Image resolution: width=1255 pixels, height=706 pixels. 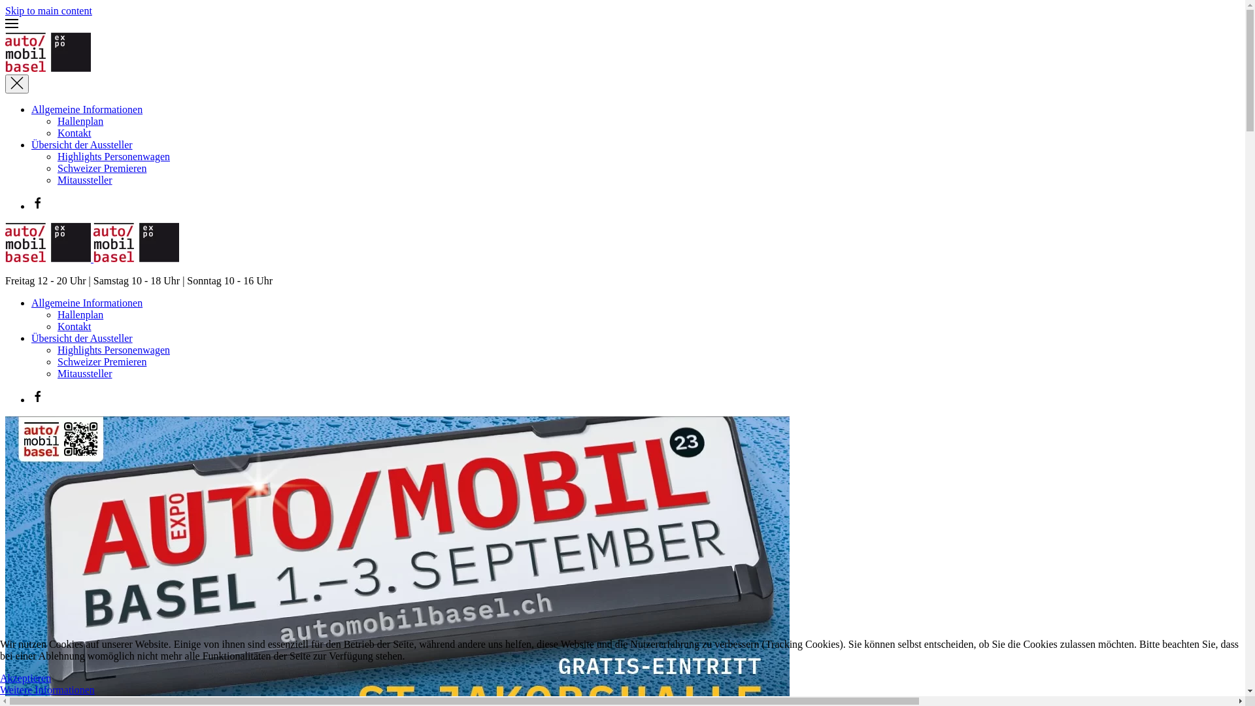 What do you see at coordinates (80, 314) in the screenshot?
I see `'Hallenplan'` at bounding box center [80, 314].